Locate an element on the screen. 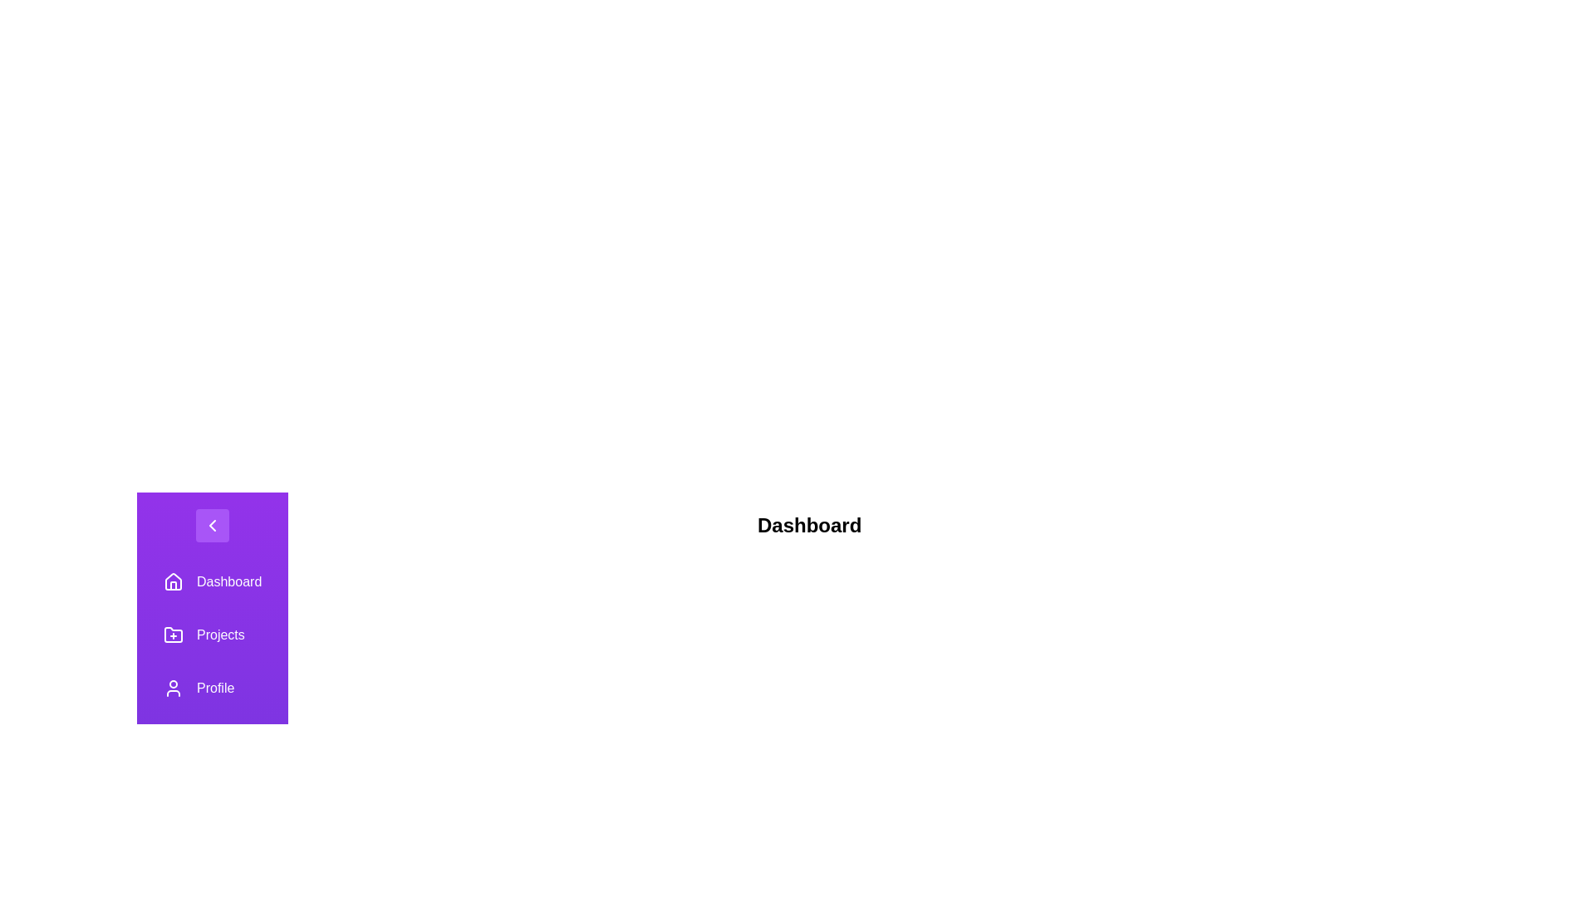 The height and width of the screenshot is (897, 1595). the third text entry in the left-aligned side navigation menu is located at coordinates (214, 689).